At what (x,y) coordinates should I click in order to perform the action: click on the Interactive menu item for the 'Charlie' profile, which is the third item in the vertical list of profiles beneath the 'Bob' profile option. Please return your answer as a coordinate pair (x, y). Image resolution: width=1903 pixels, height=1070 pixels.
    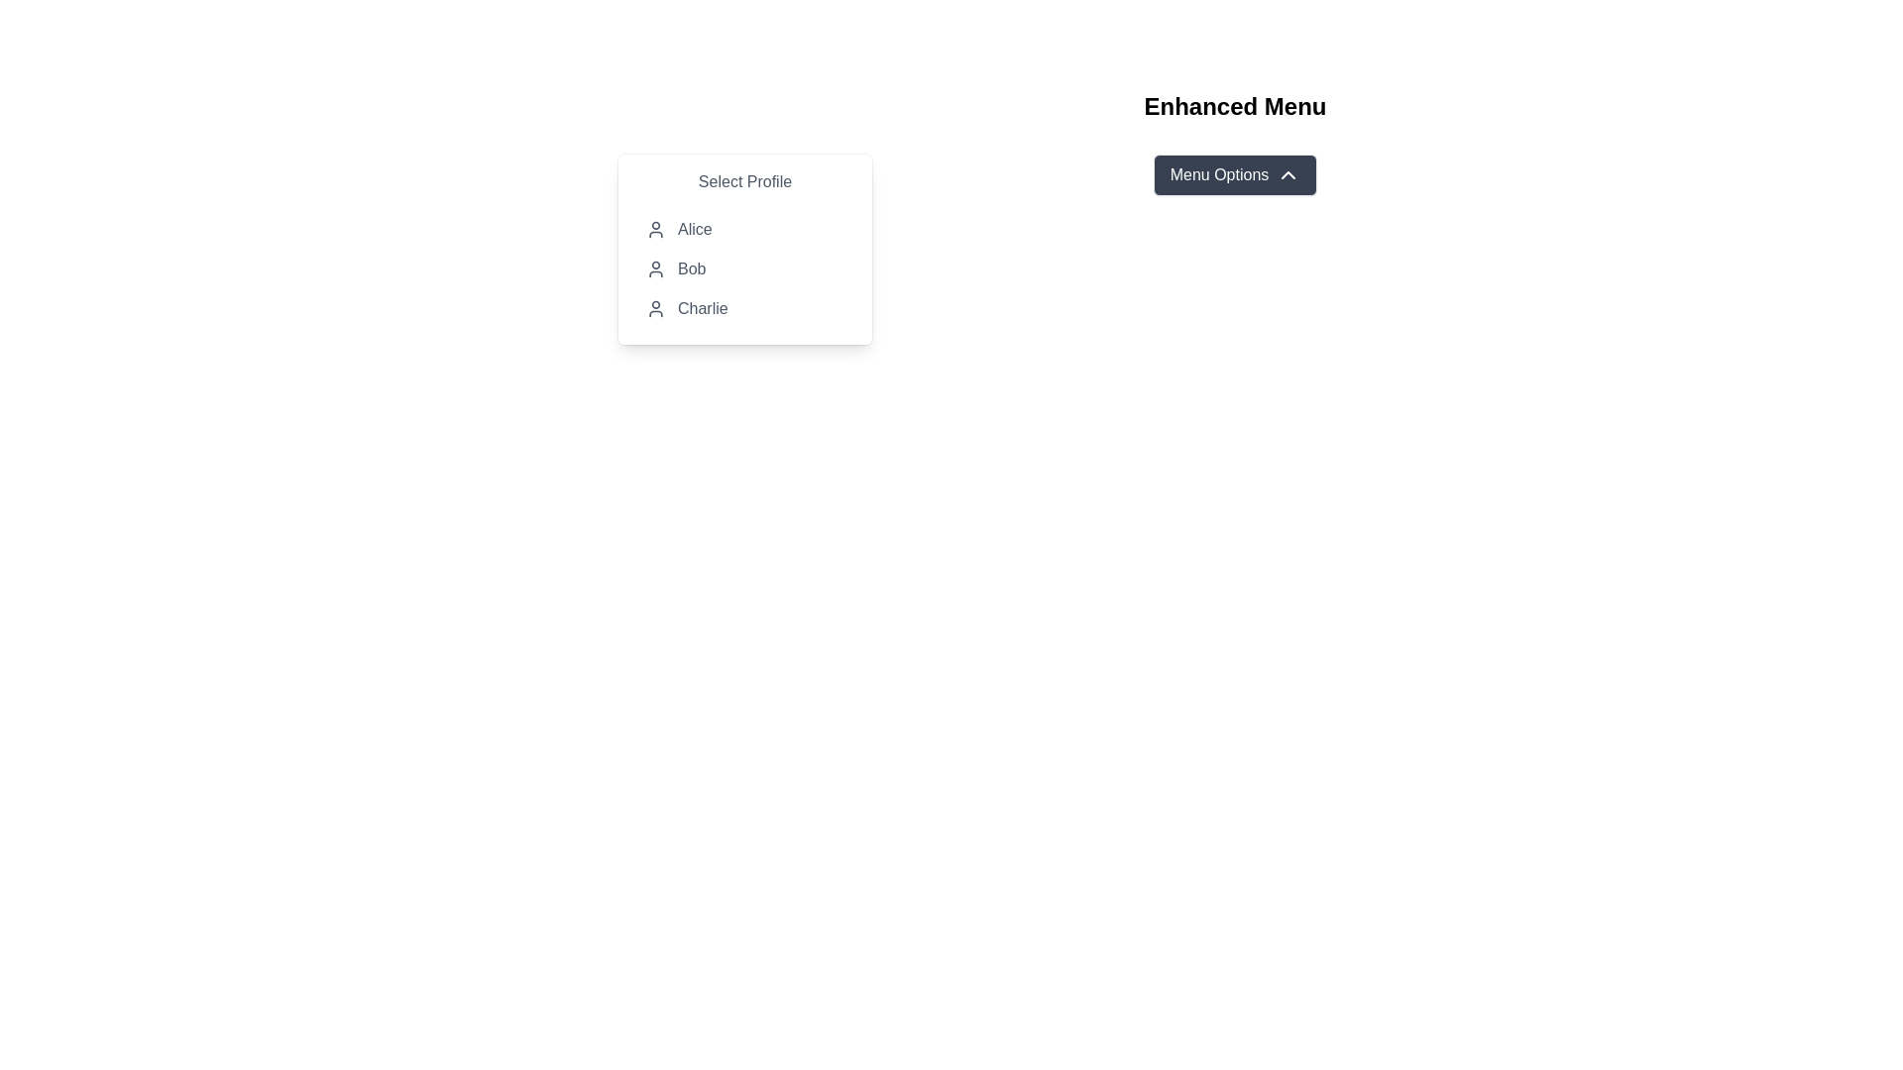
    Looking at the image, I should click on (685, 309).